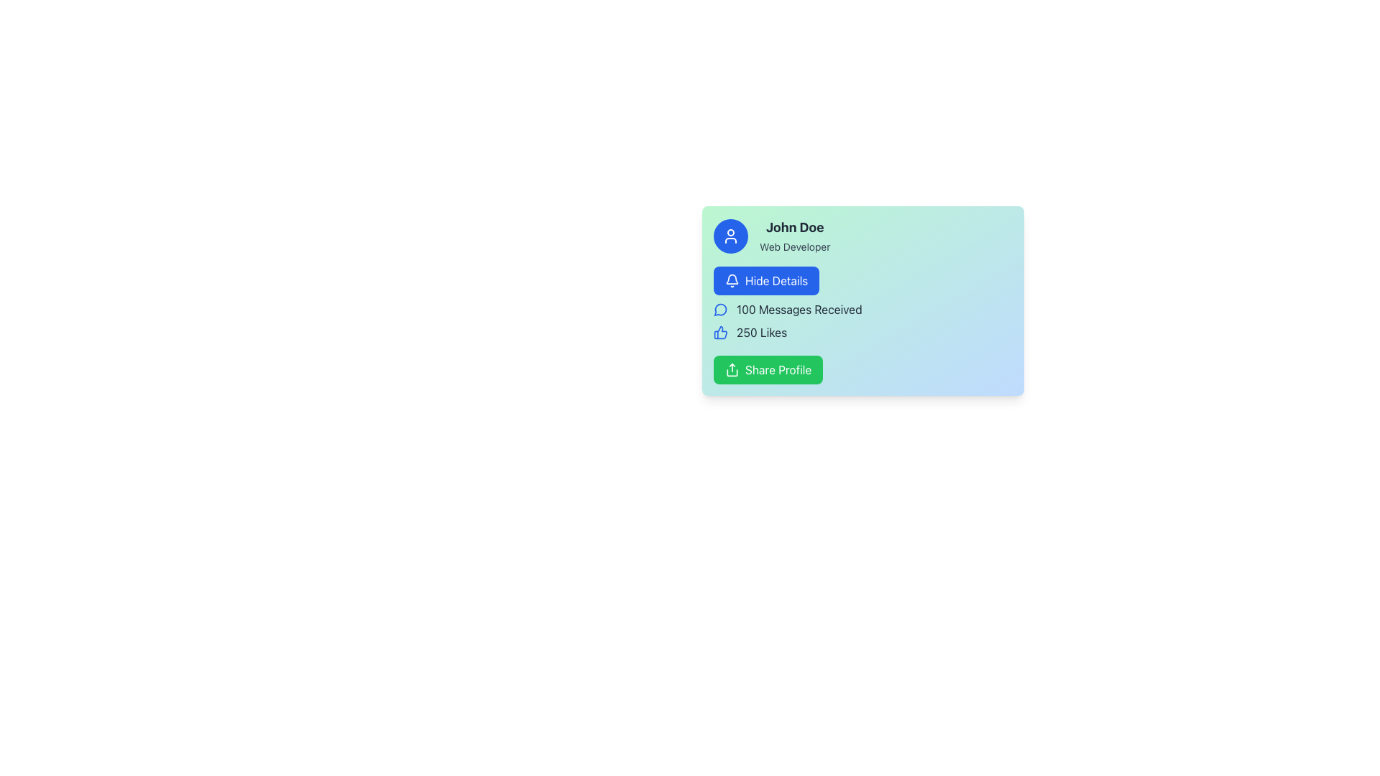 Image resolution: width=1380 pixels, height=776 pixels. I want to click on the speech bubble icon representing '100 Messages Received' in the interface, so click(720, 309).